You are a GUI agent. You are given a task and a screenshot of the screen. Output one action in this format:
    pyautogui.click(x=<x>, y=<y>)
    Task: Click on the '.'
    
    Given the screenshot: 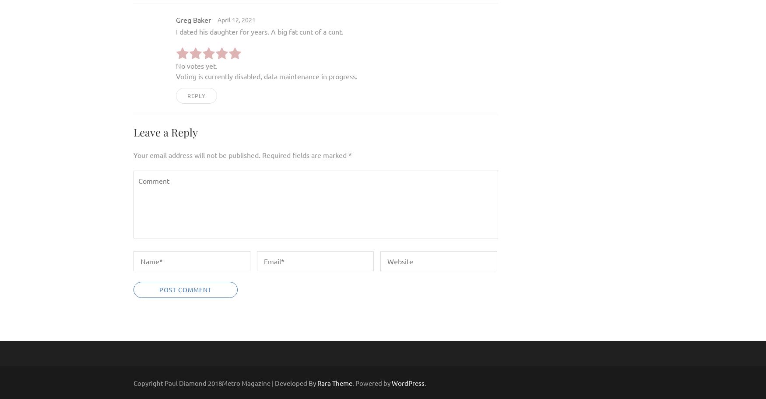 What is the action you would take?
    pyautogui.click(x=425, y=382)
    